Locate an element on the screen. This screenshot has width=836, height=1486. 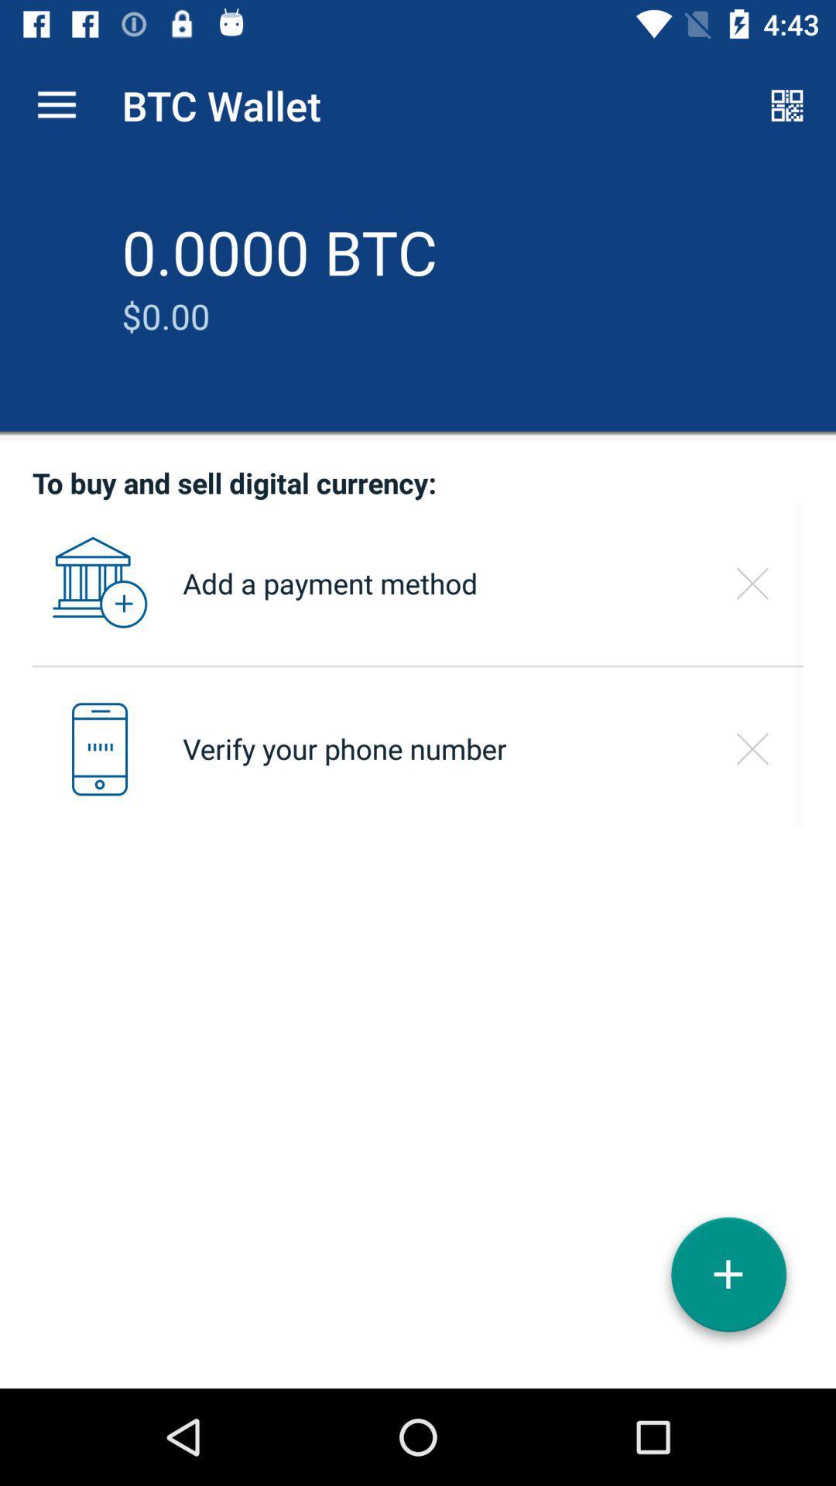
to btc wallet is located at coordinates (728, 1280).